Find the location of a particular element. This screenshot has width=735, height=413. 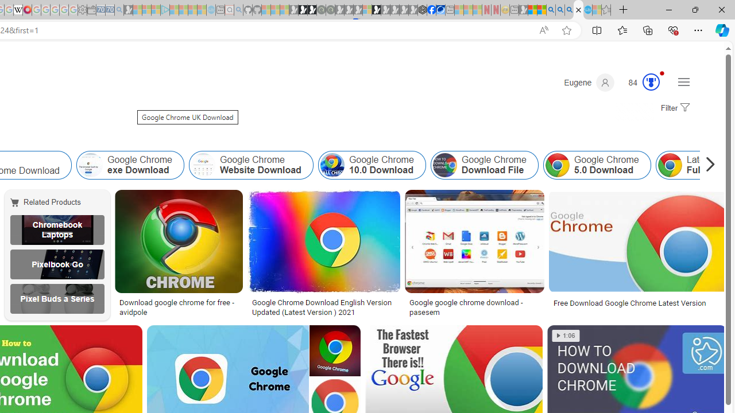

'Google Pixelbook Go UK' is located at coordinates (56, 264).